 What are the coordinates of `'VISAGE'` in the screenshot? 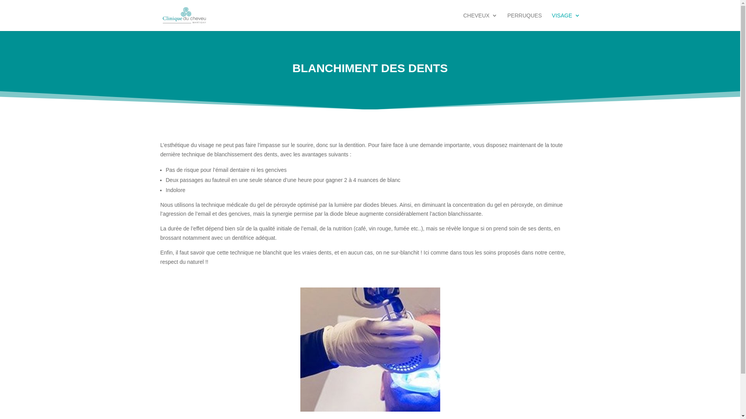 It's located at (565, 21).